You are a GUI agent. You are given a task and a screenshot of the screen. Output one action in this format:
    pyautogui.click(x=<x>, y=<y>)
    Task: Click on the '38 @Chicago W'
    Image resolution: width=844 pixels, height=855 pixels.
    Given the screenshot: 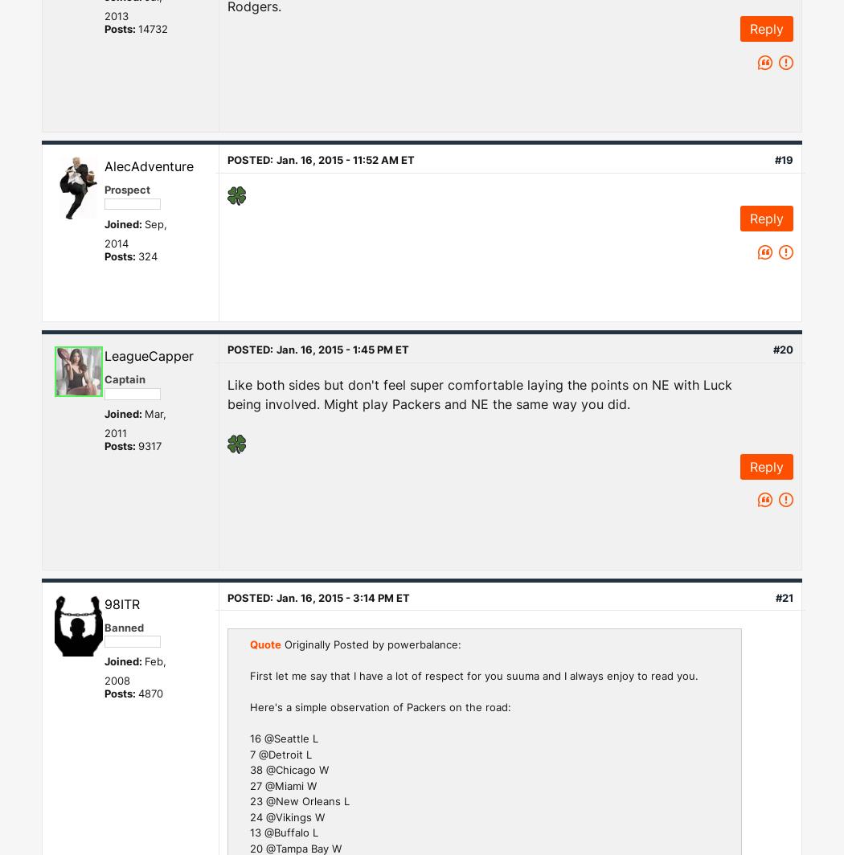 What is the action you would take?
    pyautogui.click(x=289, y=770)
    